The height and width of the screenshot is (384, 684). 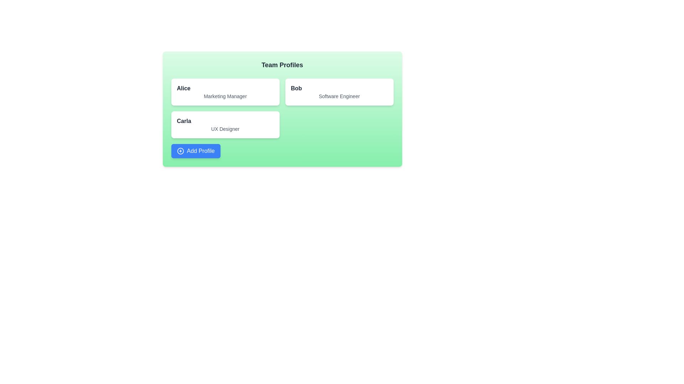 I want to click on the 'Add Profile' button to add a new profile, so click(x=196, y=150).